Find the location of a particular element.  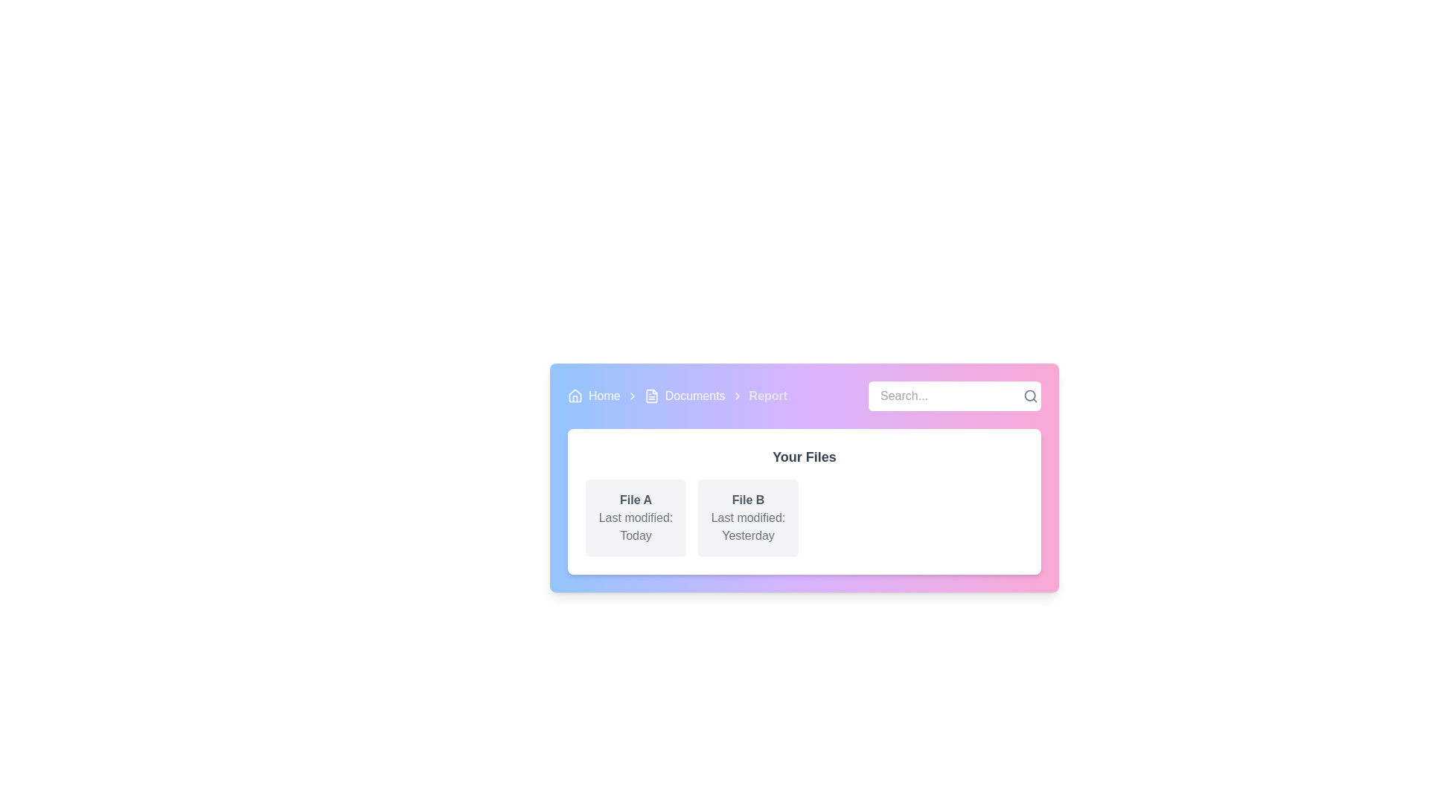

the first chevron arrow in the breadcrumb navigation that separates 'Home' and 'Documents' is located at coordinates (632, 395).